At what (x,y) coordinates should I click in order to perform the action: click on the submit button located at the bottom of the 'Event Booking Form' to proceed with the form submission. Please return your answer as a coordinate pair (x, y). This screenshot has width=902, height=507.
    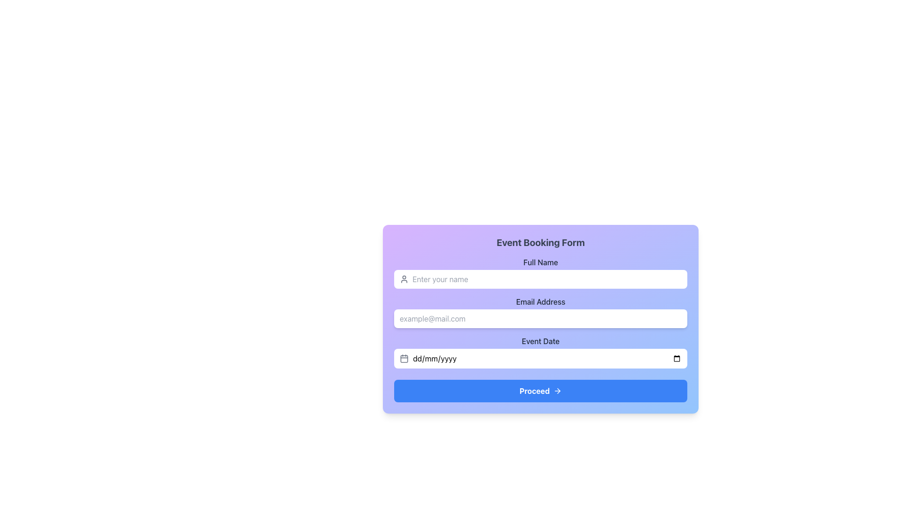
    Looking at the image, I should click on (541, 391).